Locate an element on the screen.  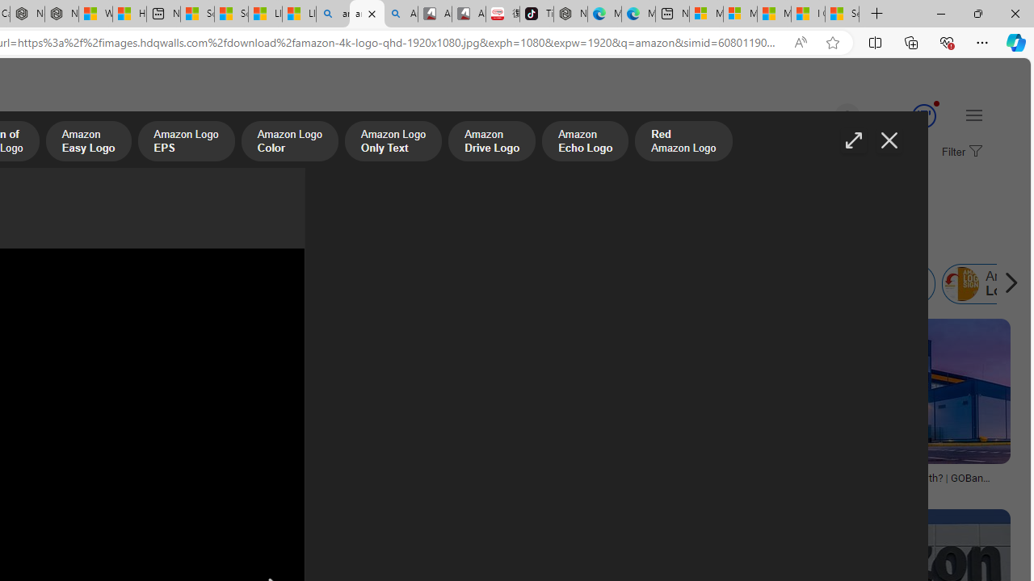
'Amazon Login' is located at coordinates (962, 283).